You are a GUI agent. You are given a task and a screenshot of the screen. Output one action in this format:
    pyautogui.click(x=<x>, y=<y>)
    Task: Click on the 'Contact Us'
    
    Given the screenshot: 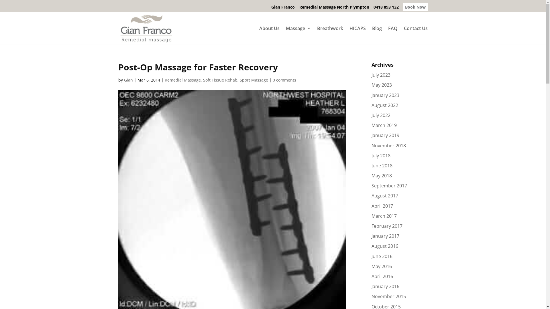 What is the action you would take?
    pyautogui.click(x=416, y=35)
    